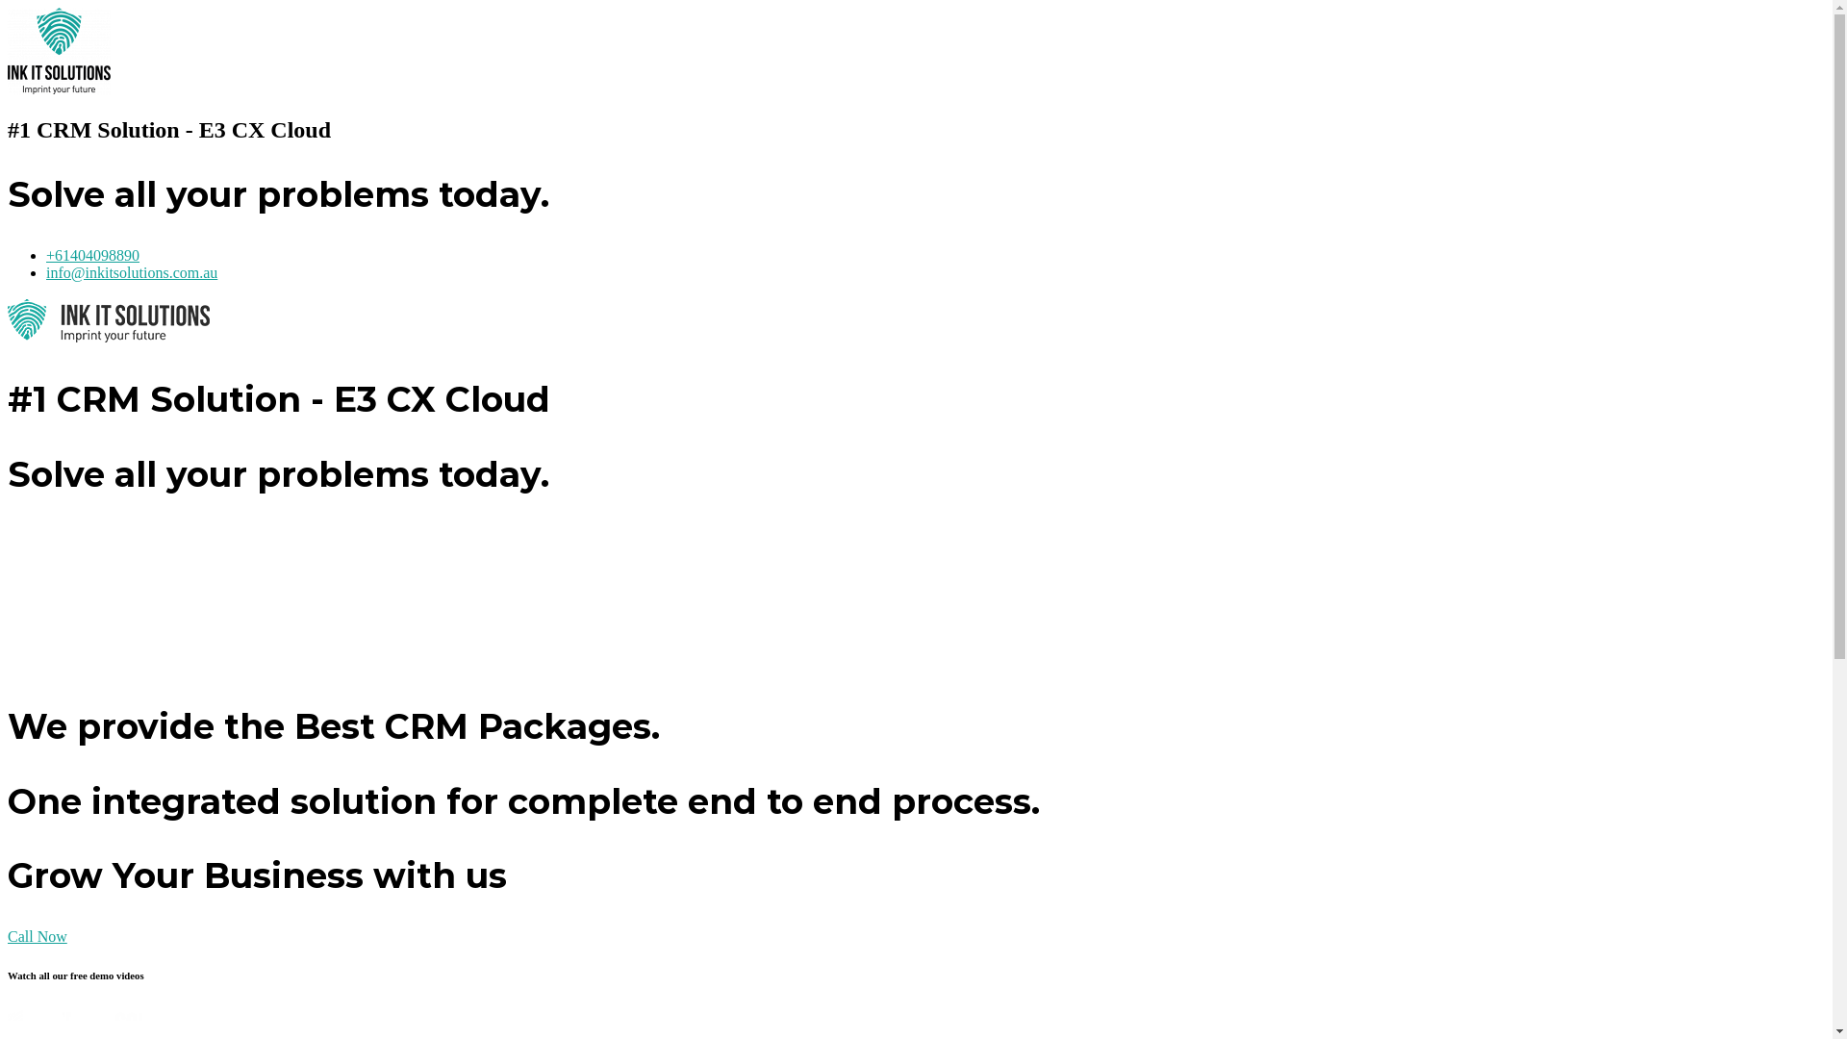  Describe the element at coordinates (37, 935) in the screenshot. I see `'Call Now'` at that location.